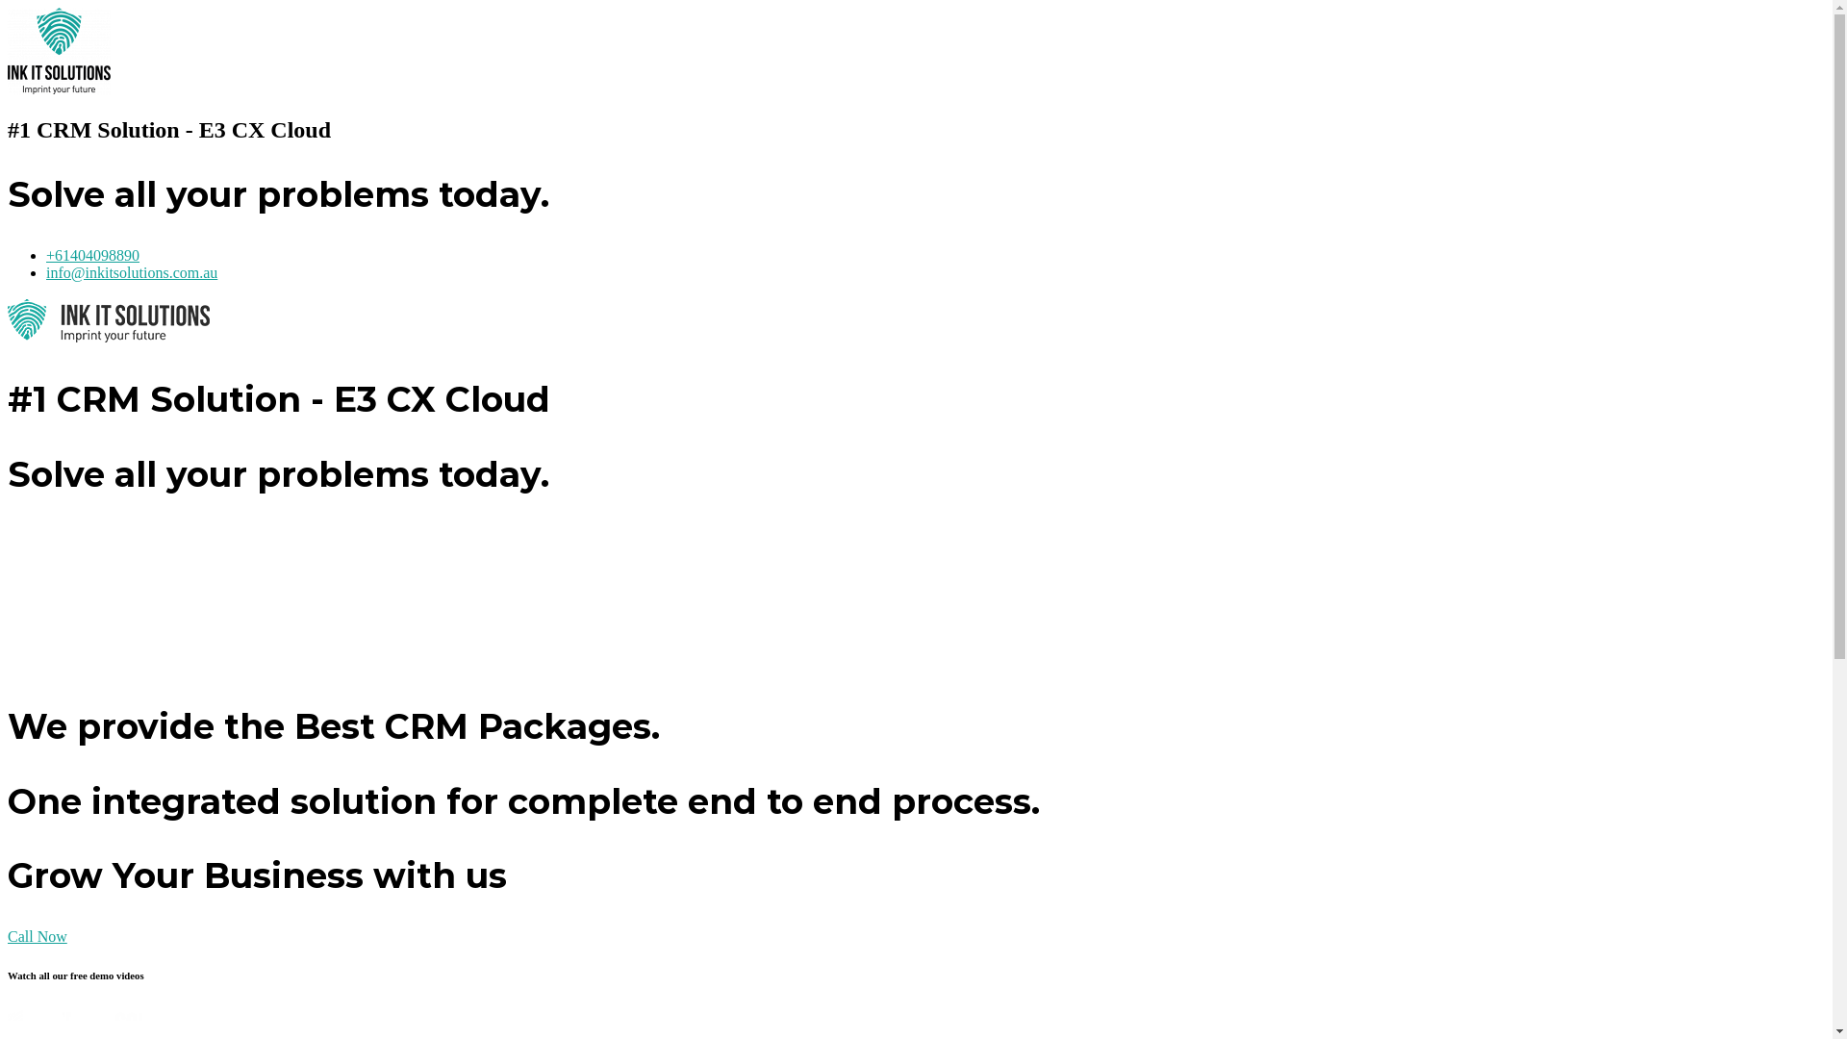  Describe the element at coordinates (37, 935) in the screenshot. I see `'Call Now'` at that location.